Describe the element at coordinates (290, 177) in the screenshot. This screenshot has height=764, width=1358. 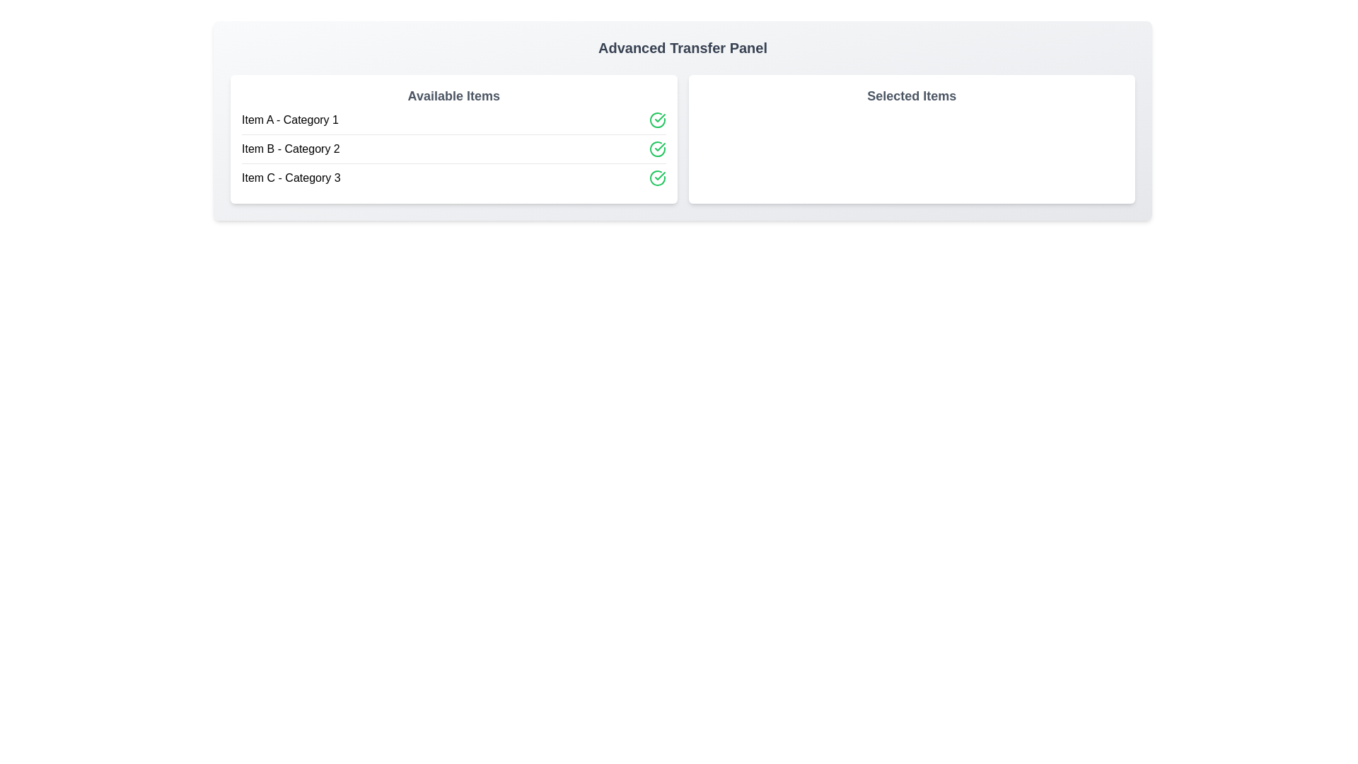
I see `the text label displaying 'Item C - Category 3'` at that location.